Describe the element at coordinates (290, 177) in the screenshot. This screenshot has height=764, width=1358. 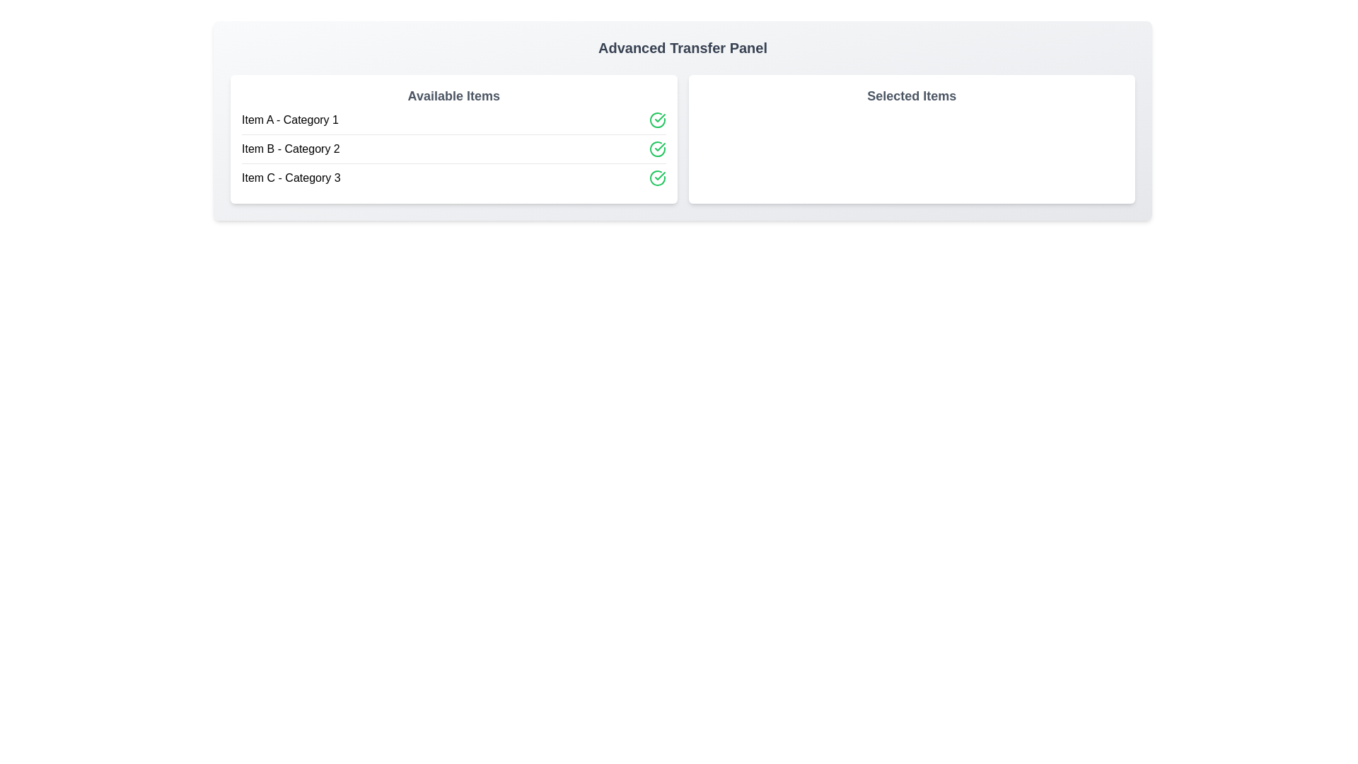
I see `the text label displaying 'Item C - Category 3'` at that location.